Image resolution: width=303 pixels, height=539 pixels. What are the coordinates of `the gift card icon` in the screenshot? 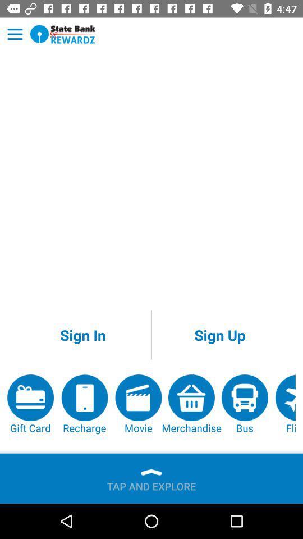 It's located at (30, 404).